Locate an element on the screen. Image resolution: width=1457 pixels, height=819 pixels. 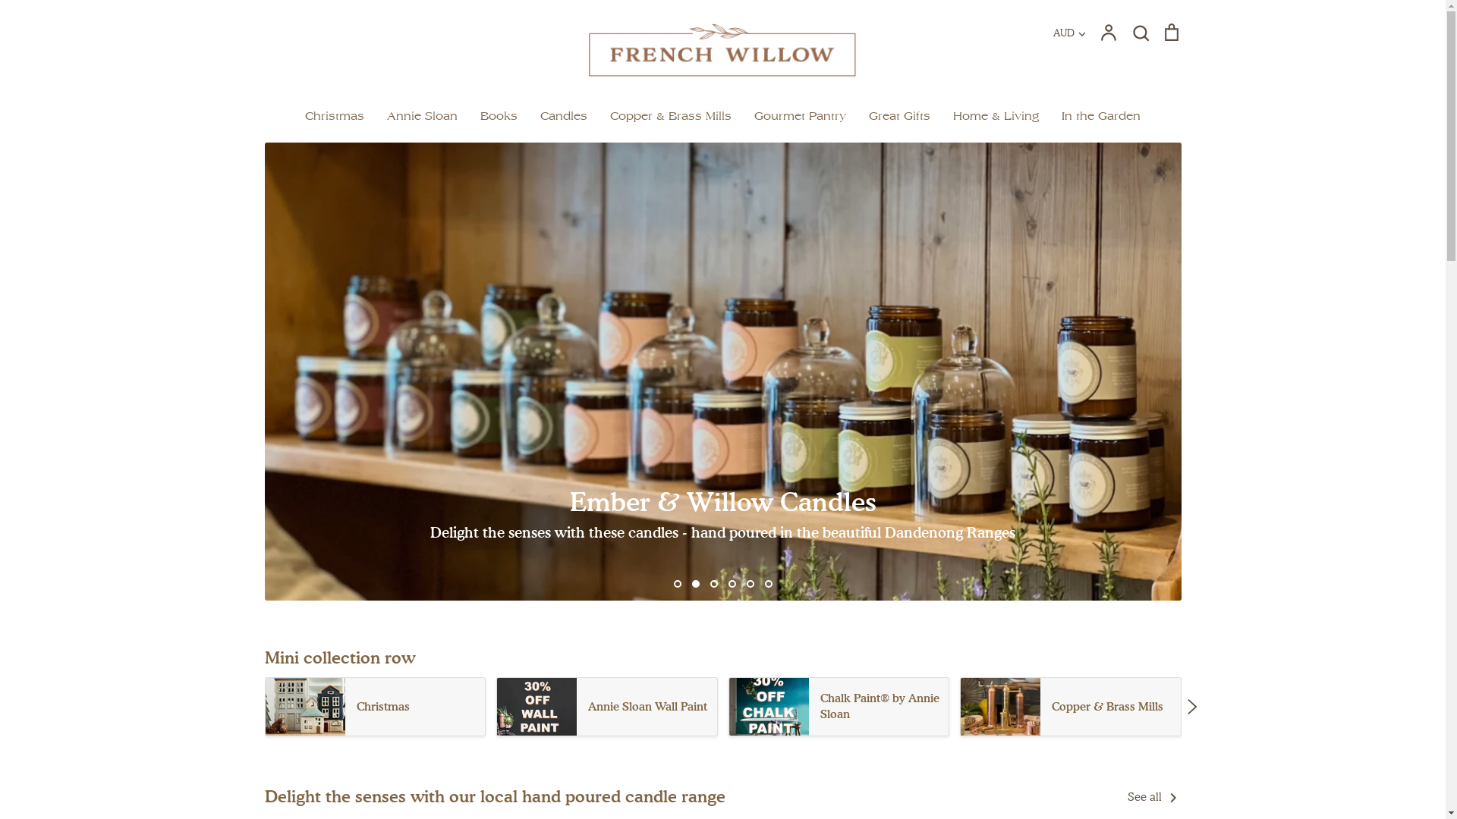
'3' is located at coordinates (710, 583).